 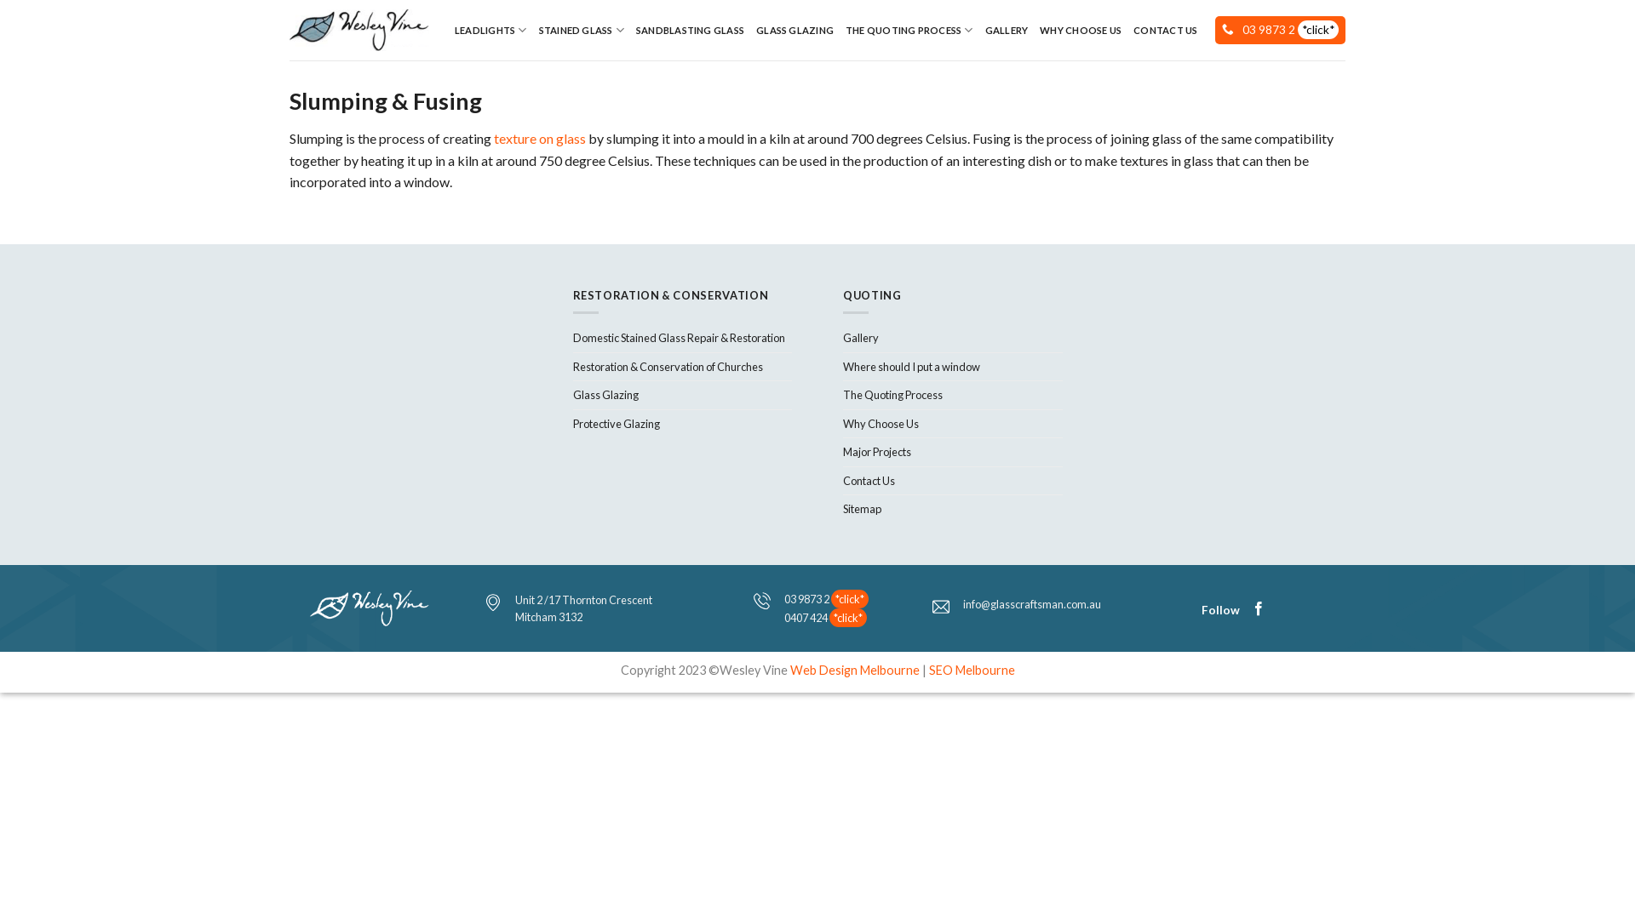 I want to click on '03 9873 2 *click*', so click(x=783, y=598).